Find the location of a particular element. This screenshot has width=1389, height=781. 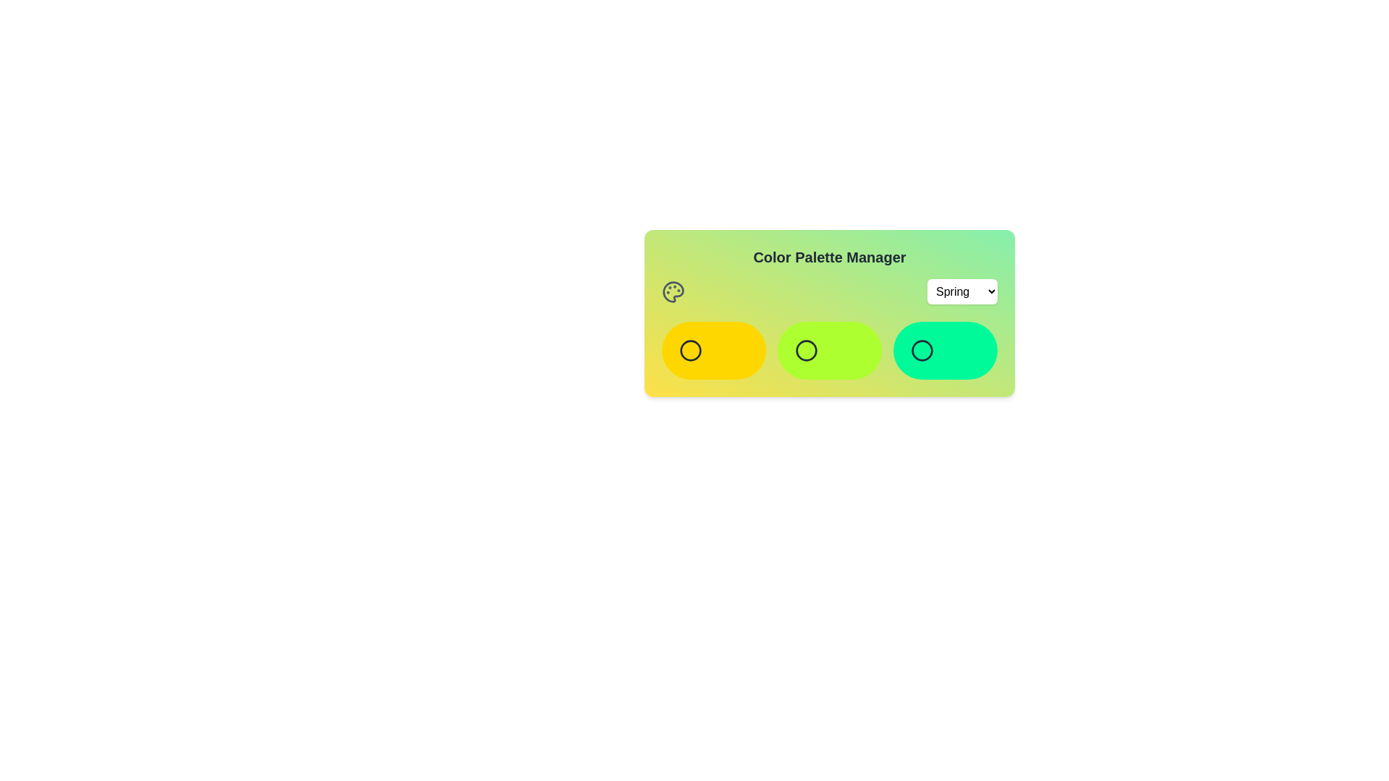

the color palette Summer from the dropdown menu is located at coordinates (962, 291).